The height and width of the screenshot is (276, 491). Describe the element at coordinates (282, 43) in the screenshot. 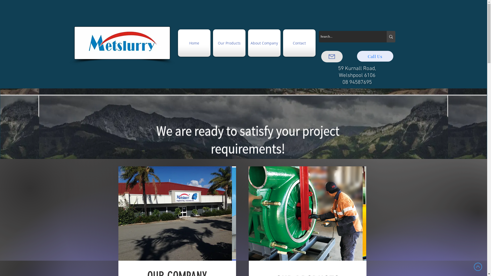

I see `'Contact'` at that location.